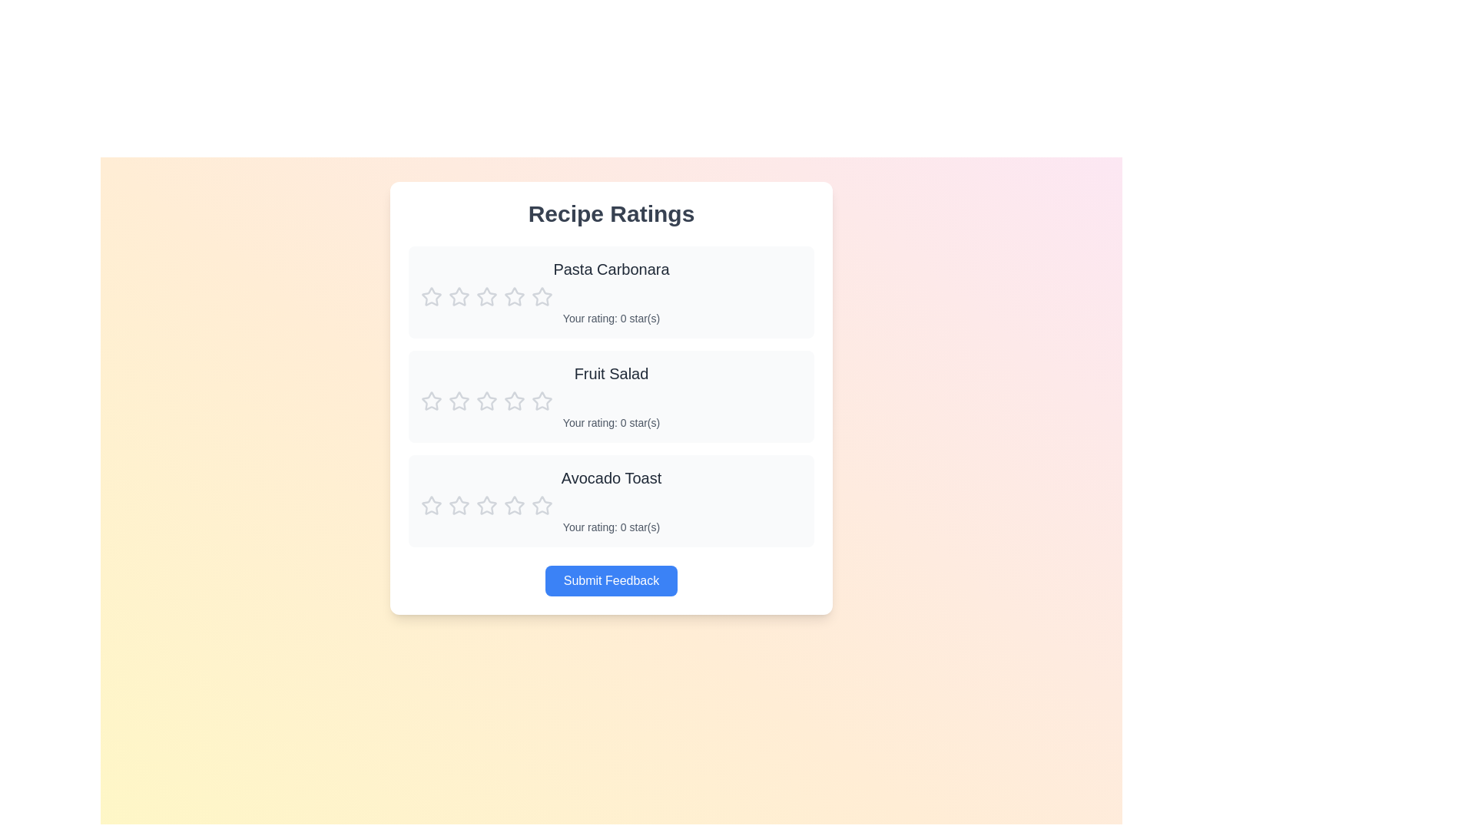 Image resolution: width=1475 pixels, height=829 pixels. I want to click on from the first rating star (hollow gray star icon), so click(430, 296).